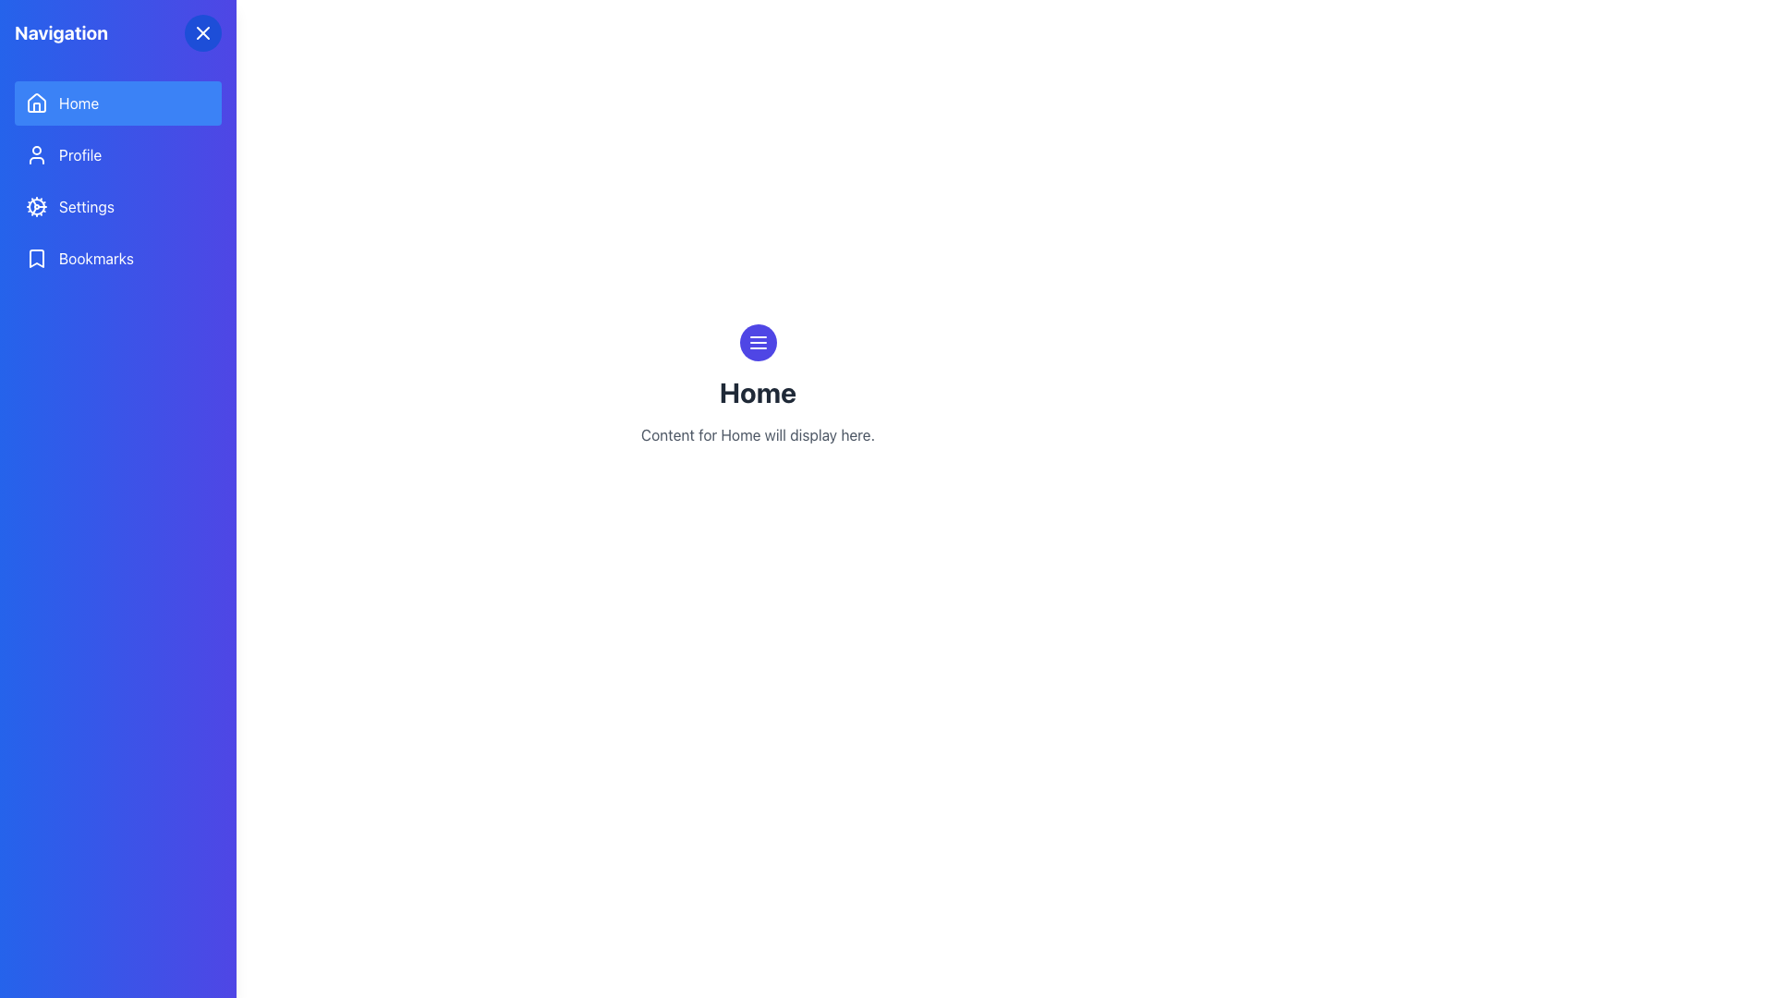 The height and width of the screenshot is (998, 1774). I want to click on the graphic icon indicating the 'Profile' menu item located in the second row of the vertical navigation panel, so click(36, 154).